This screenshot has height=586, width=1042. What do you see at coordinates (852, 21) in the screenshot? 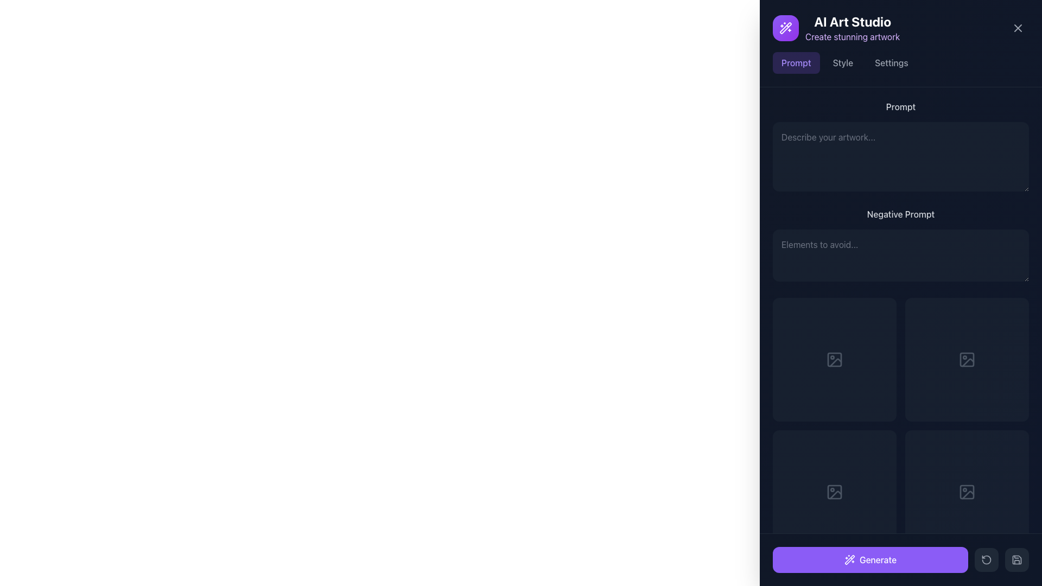
I see `the Text Label at the top left of the interface, which serves as the header indicating the section's name and purpose` at bounding box center [852, 21].